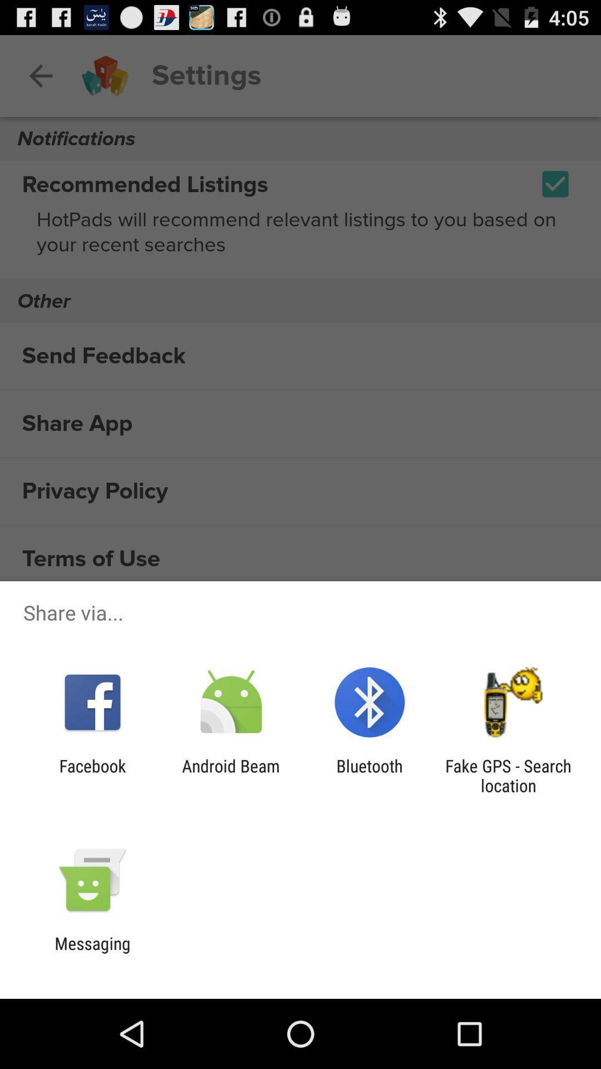 This screenshot has height=1069, width=601. What do you see at coordinates (230, 775) in the screenshot?
I see `app to the left of bluetooth item` at bounding box center [230, 775].